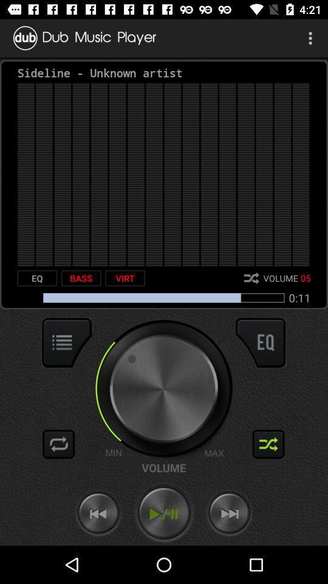 This screenshot has height=584, width=328. What do you see at coordinates (164, 513) in the screenshot?
I see `this is a used to music player` at bounding box center [164, 513].